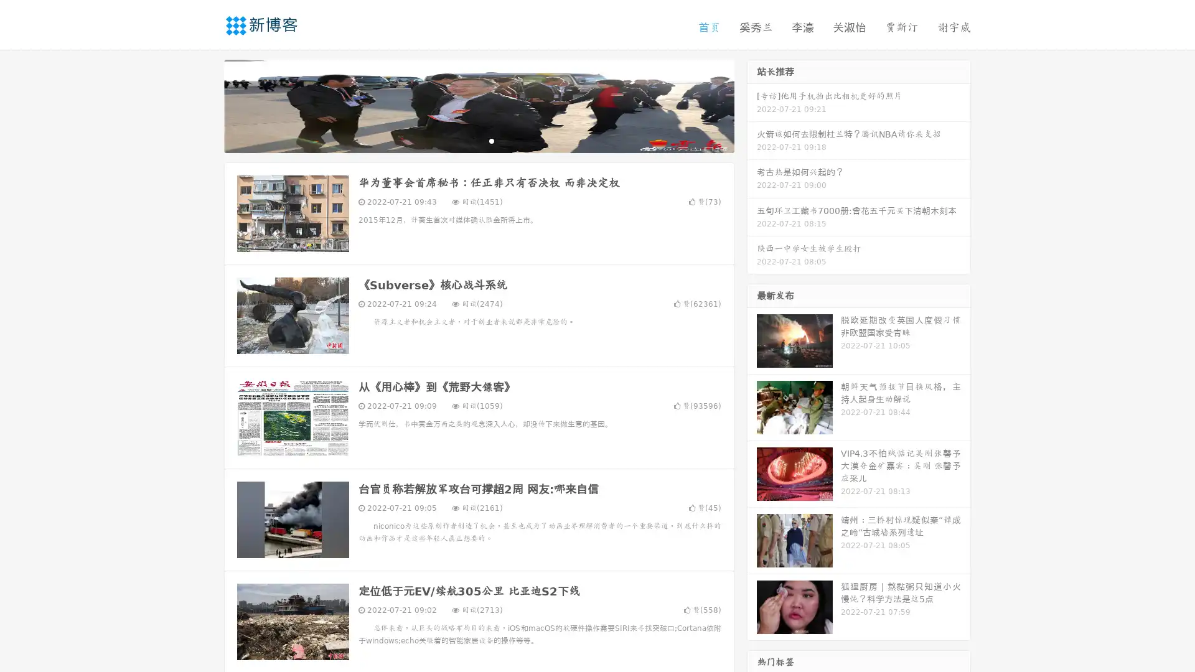  Describe the element at coordinates (466, 140) in the screenshot. I see `Go to slide 1` at that location.